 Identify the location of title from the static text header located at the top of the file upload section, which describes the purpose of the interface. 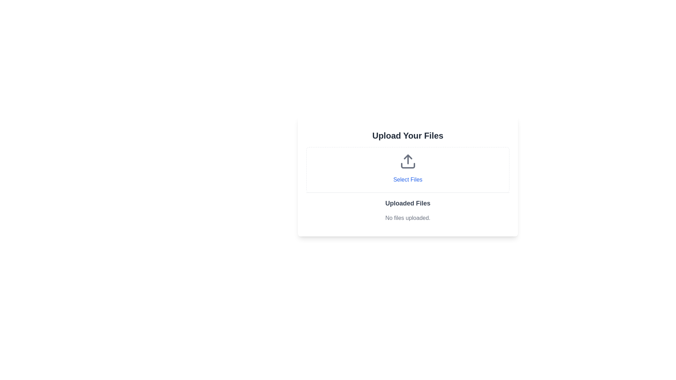
(408, 135).